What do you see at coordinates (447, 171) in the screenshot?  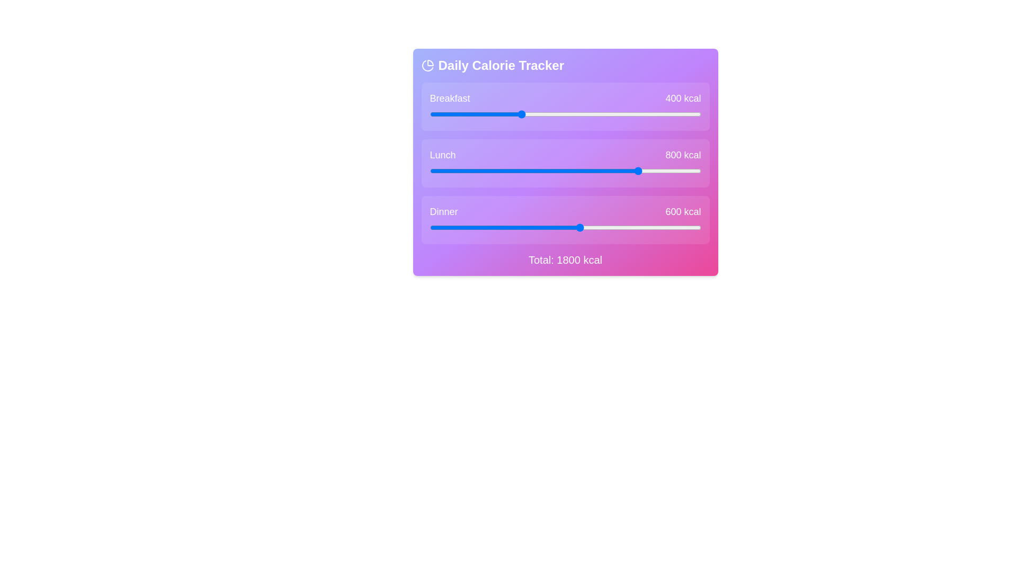 I see `the lunch calorie value` at bounding box center [447, 171].